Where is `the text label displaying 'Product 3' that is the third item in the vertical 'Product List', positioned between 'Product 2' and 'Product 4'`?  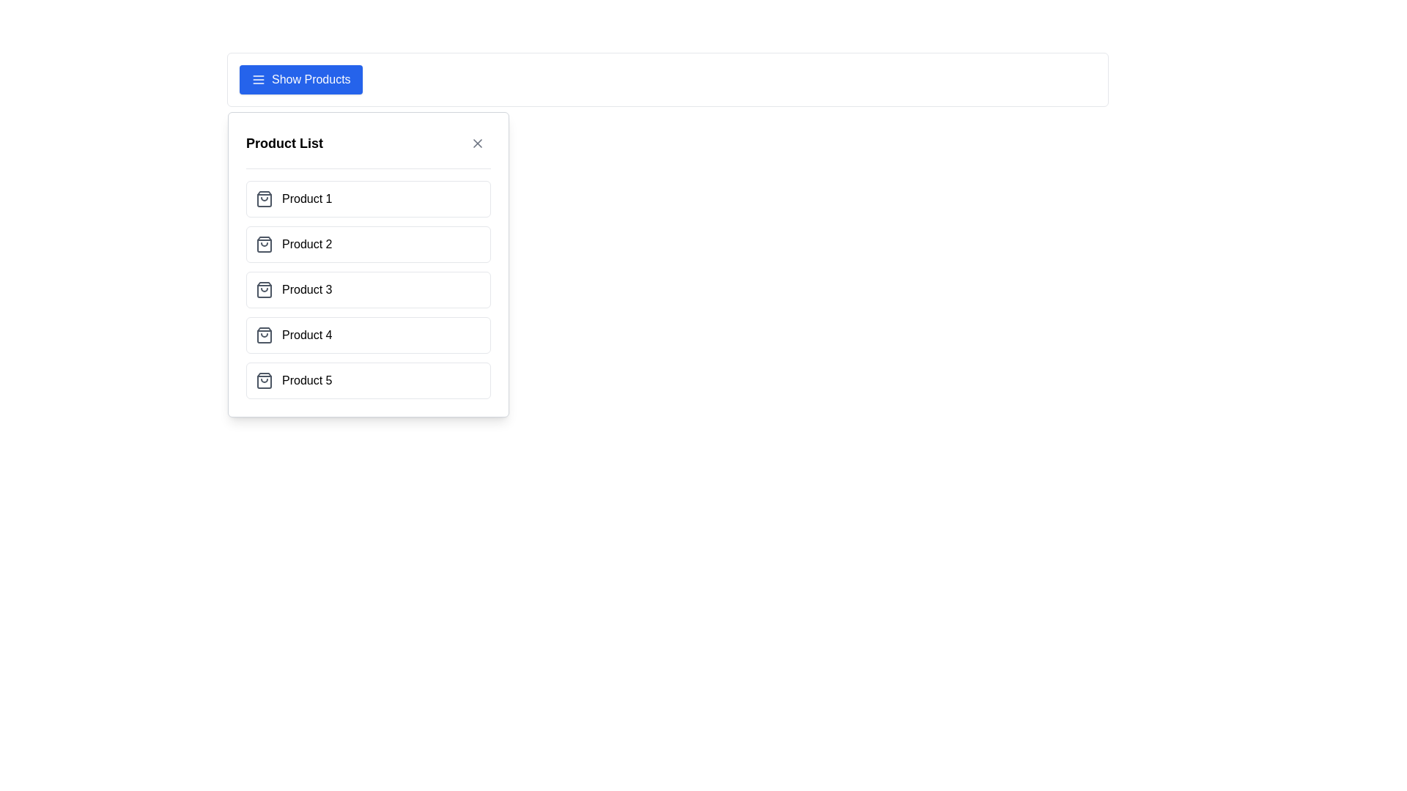
the text label displaying 'Product 3' that is the third item in the vertical 'Product List', positioned between 'Product 2' and 'Product 4' is located at coordinates (306, 290).